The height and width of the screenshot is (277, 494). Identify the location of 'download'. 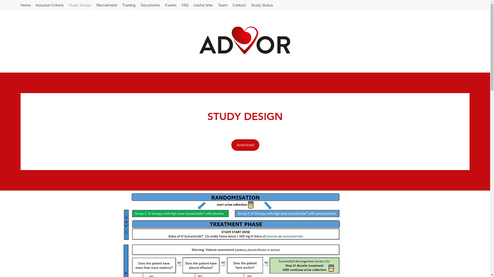
(245, 145).